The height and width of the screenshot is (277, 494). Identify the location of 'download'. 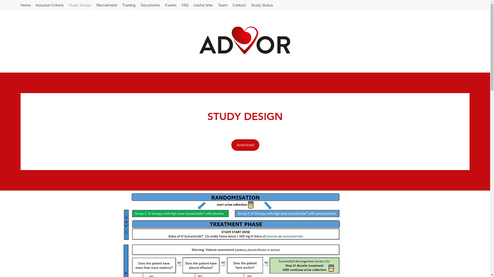
(245, 145).